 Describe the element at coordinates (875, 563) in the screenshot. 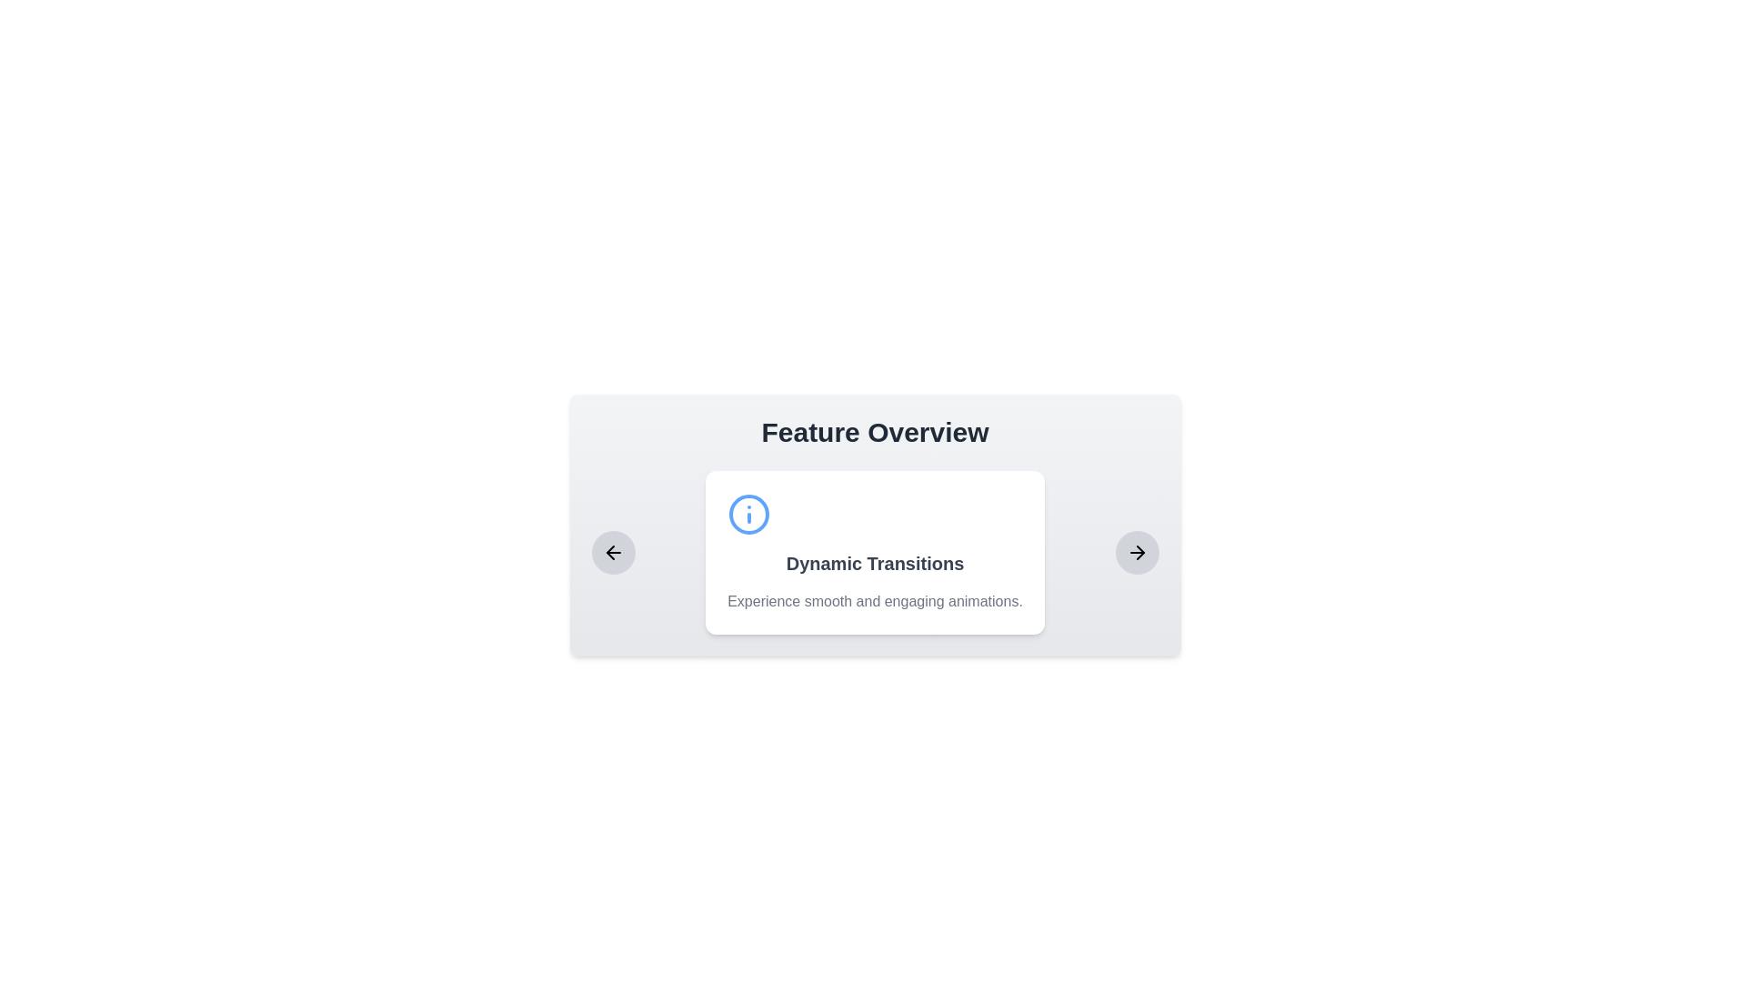

I see `text content of the Text Label that serves as the title or heading for the card, positioned in the upper-middle section below the info icon` at that location.